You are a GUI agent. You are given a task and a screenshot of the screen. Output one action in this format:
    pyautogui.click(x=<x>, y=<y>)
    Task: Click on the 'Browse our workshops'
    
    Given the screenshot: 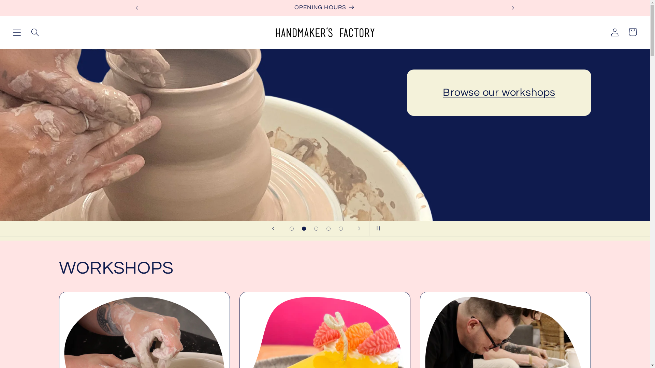 What is the action you would take?
    pyautogui.click(x=499, y=92)
    